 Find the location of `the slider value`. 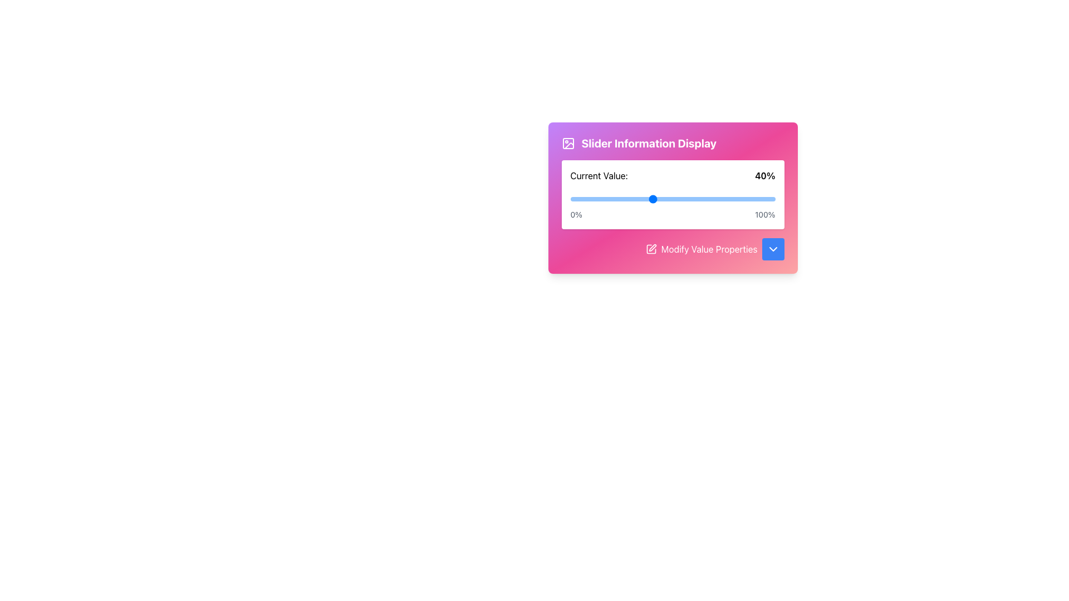

the slider value is located at coordinates (772, 199).